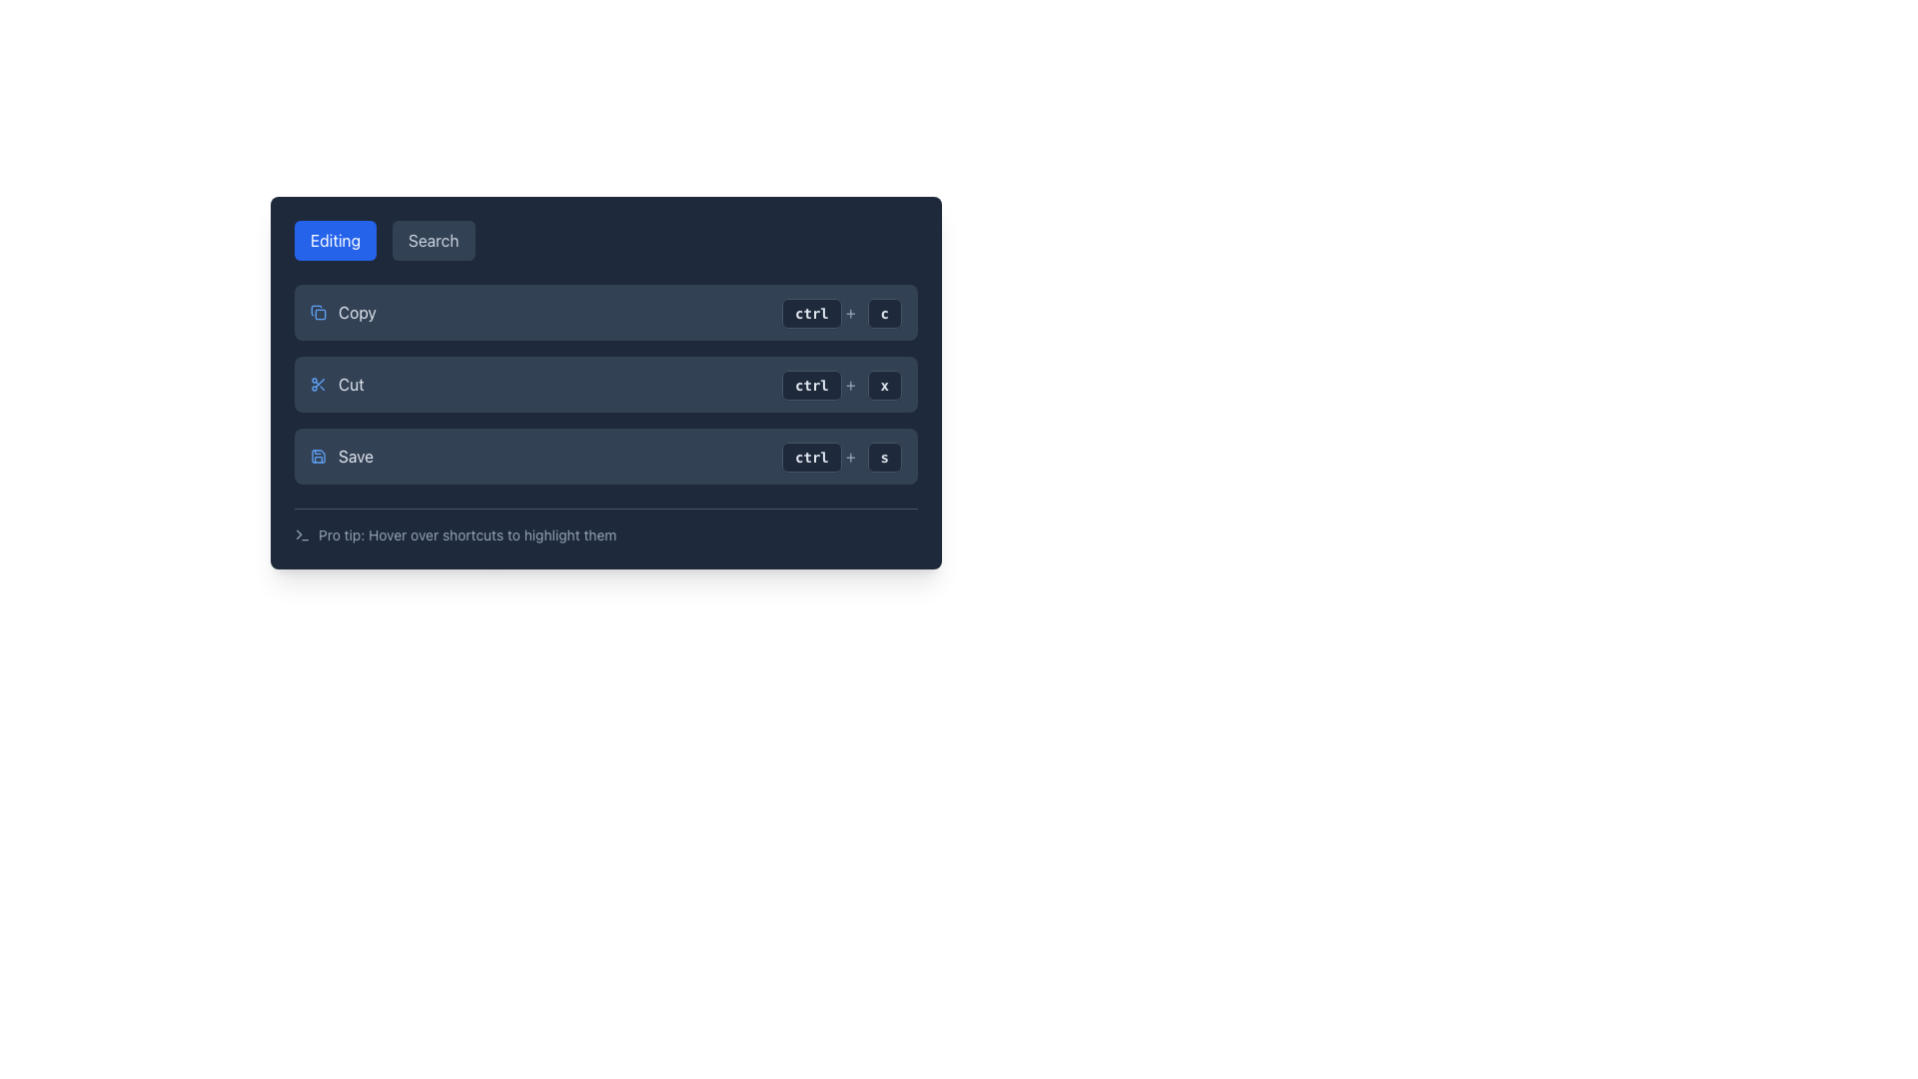 The image size is (1918, 1079). I want to click on the Display row for shortcut instructions that shows the cut action 'ctrl+x' for further interaction, so click(604, 385).